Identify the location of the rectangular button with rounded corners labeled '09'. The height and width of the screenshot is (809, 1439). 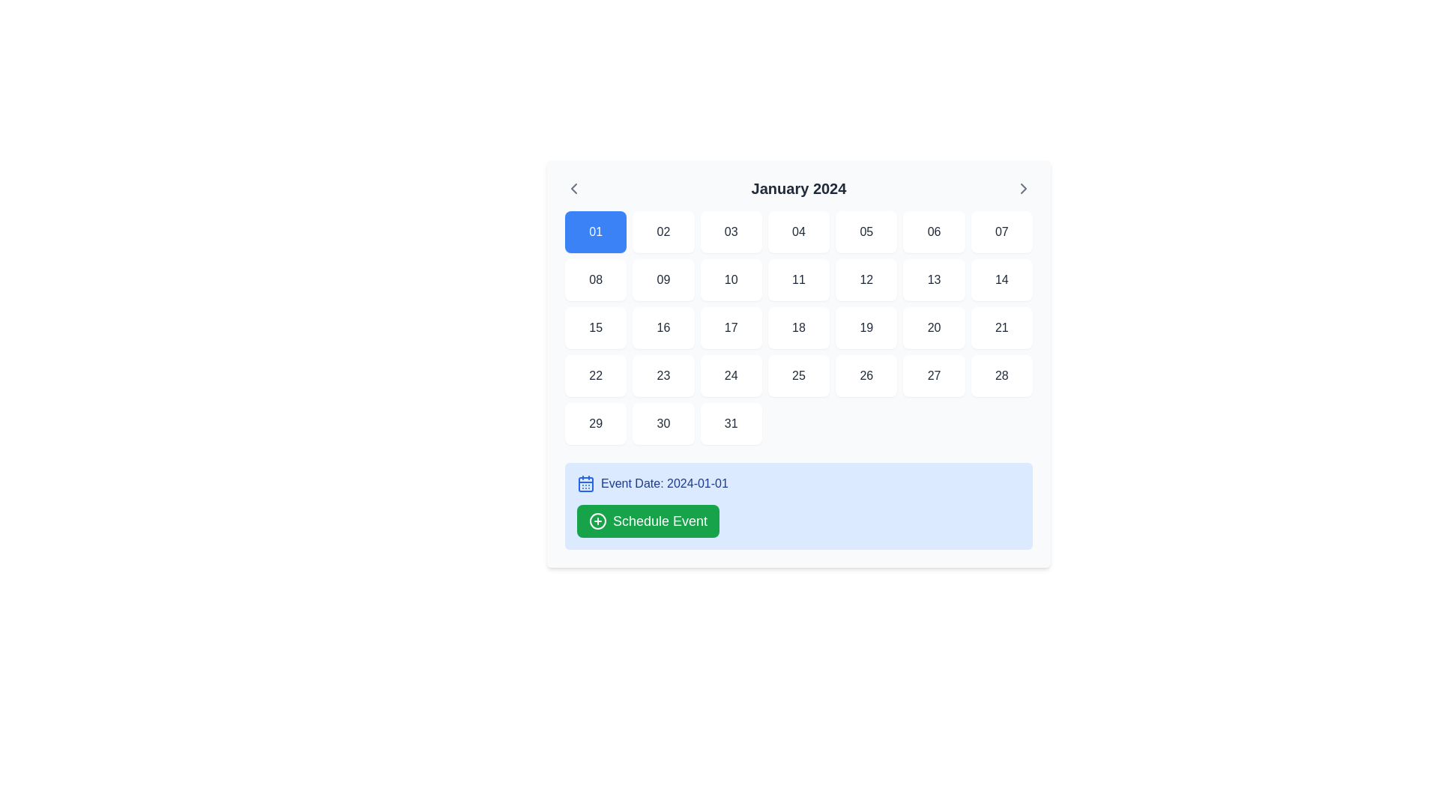
(663, 280).